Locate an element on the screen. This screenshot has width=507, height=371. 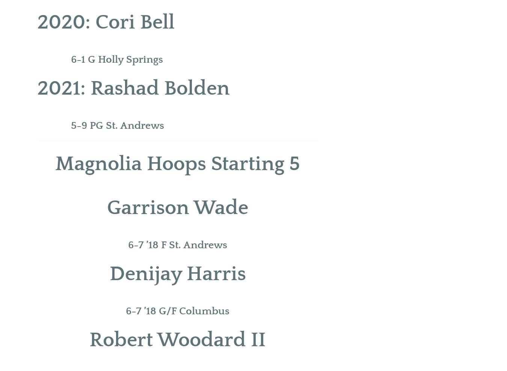
'Robert Woodard II' is located at coordinates (177, 339).